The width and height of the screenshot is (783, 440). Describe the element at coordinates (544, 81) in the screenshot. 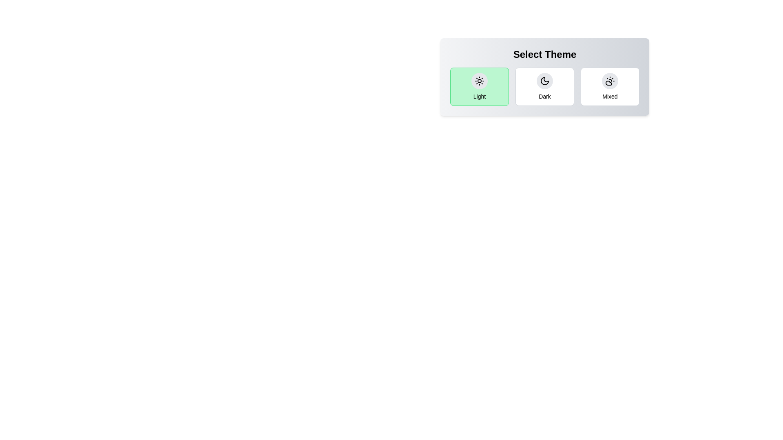

I see `the theme icon corresponding to Dark` at that location.